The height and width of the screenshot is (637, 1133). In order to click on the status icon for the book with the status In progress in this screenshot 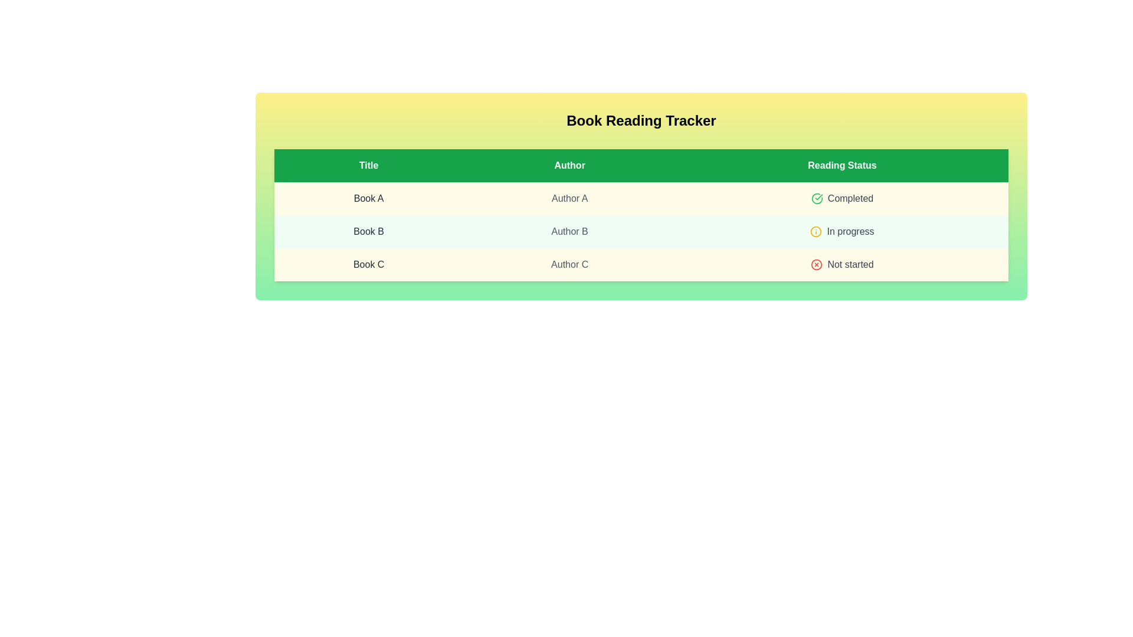, I will do `click(816, 232)`.